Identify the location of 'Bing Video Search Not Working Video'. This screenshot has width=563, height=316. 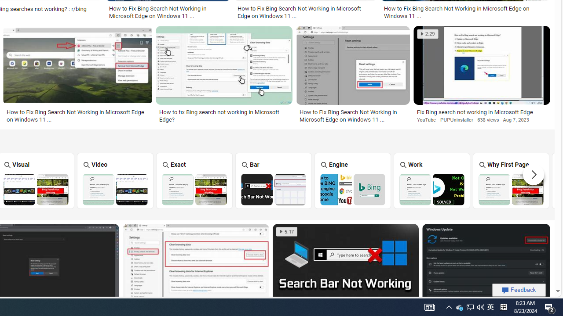
(115, 180).